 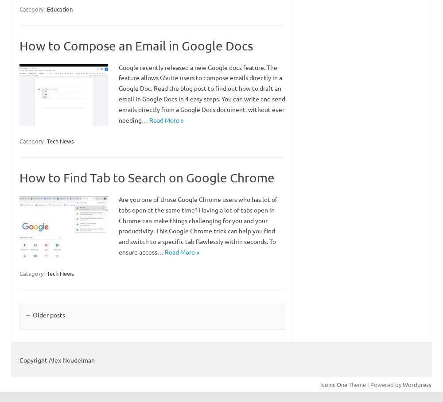 What do you see at coordinates (48, 313) in the screenshot?
I see `'Older posts'` at bounding box center [48, 313].